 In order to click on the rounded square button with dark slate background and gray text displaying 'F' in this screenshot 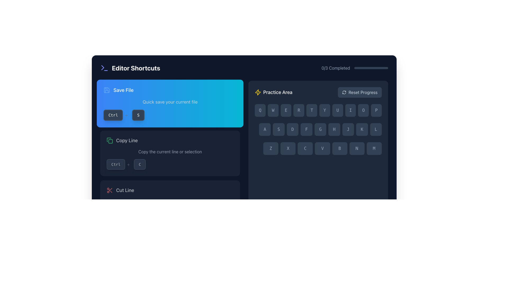, I will do `click(306, 129)`.